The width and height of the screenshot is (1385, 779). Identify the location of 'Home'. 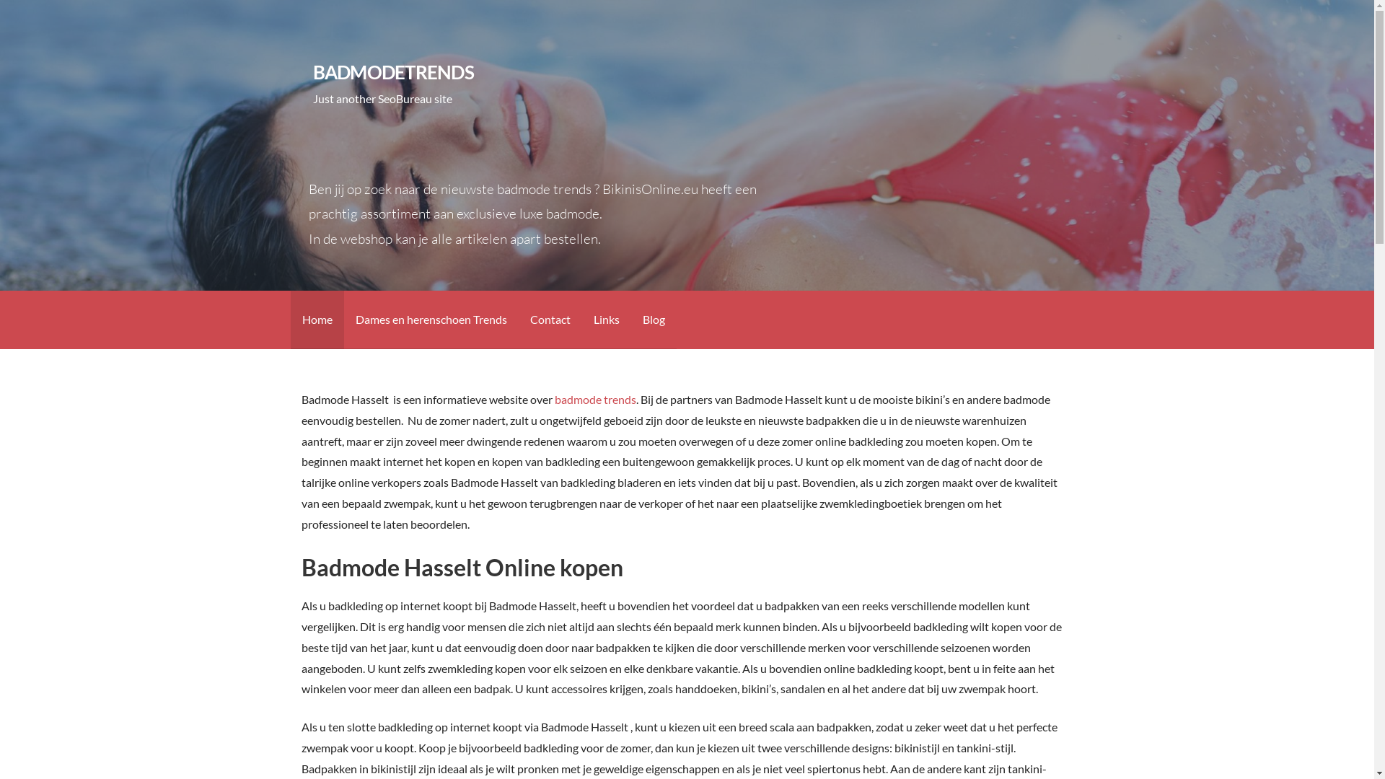
(315, 319).